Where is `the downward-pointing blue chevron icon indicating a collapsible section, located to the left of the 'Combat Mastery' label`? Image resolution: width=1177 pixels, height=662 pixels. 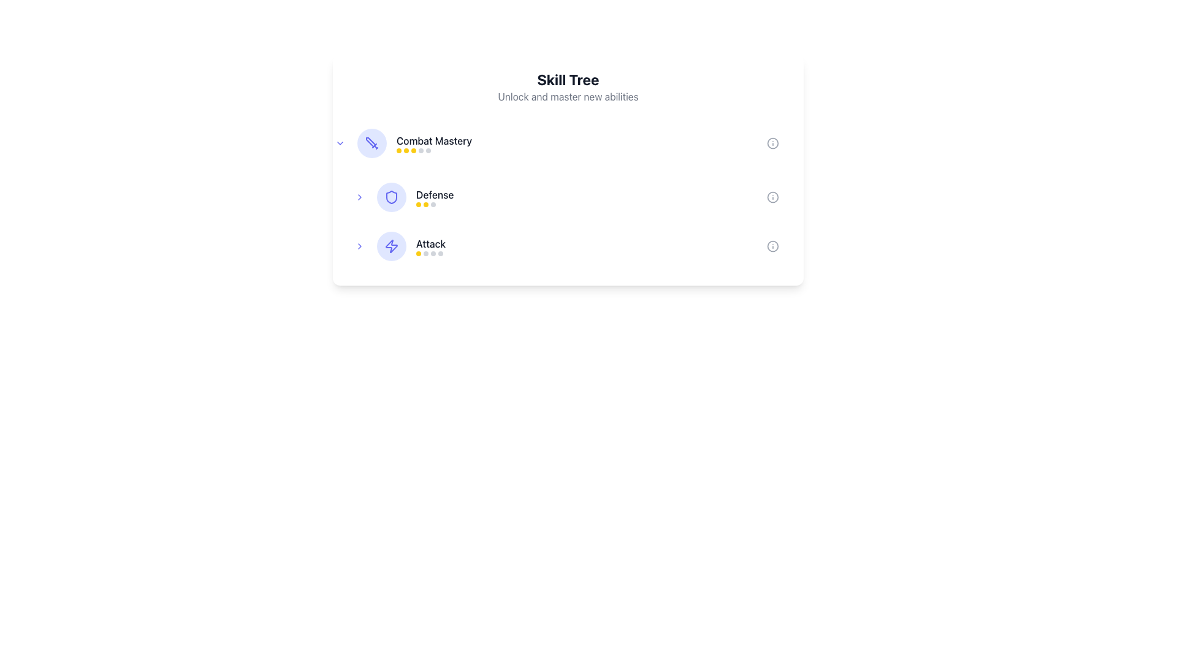
the downward-pointing blue chevron icon indicating a collapsible section, located to the left of the 'Combat Mastery' label is located at coordinates (340, 143).